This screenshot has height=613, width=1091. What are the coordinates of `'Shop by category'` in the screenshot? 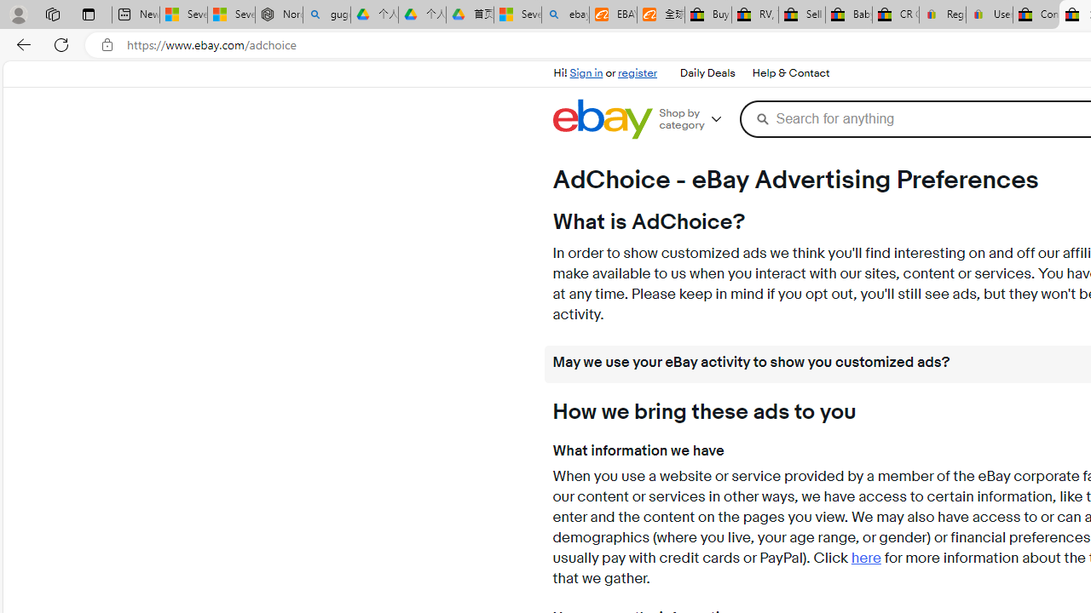 It's located at (696, 118).